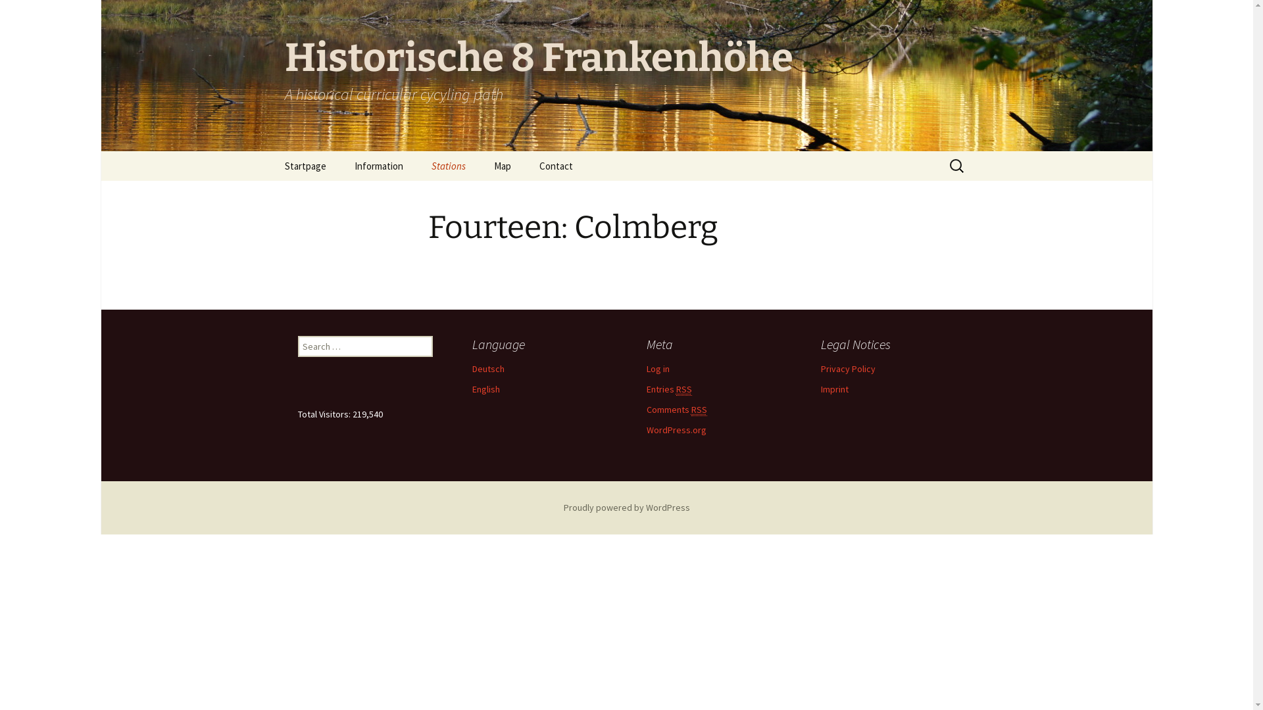  Describe the element at coordinates (304, 165) in the screenshot. I see `'Startpage'` at that location.